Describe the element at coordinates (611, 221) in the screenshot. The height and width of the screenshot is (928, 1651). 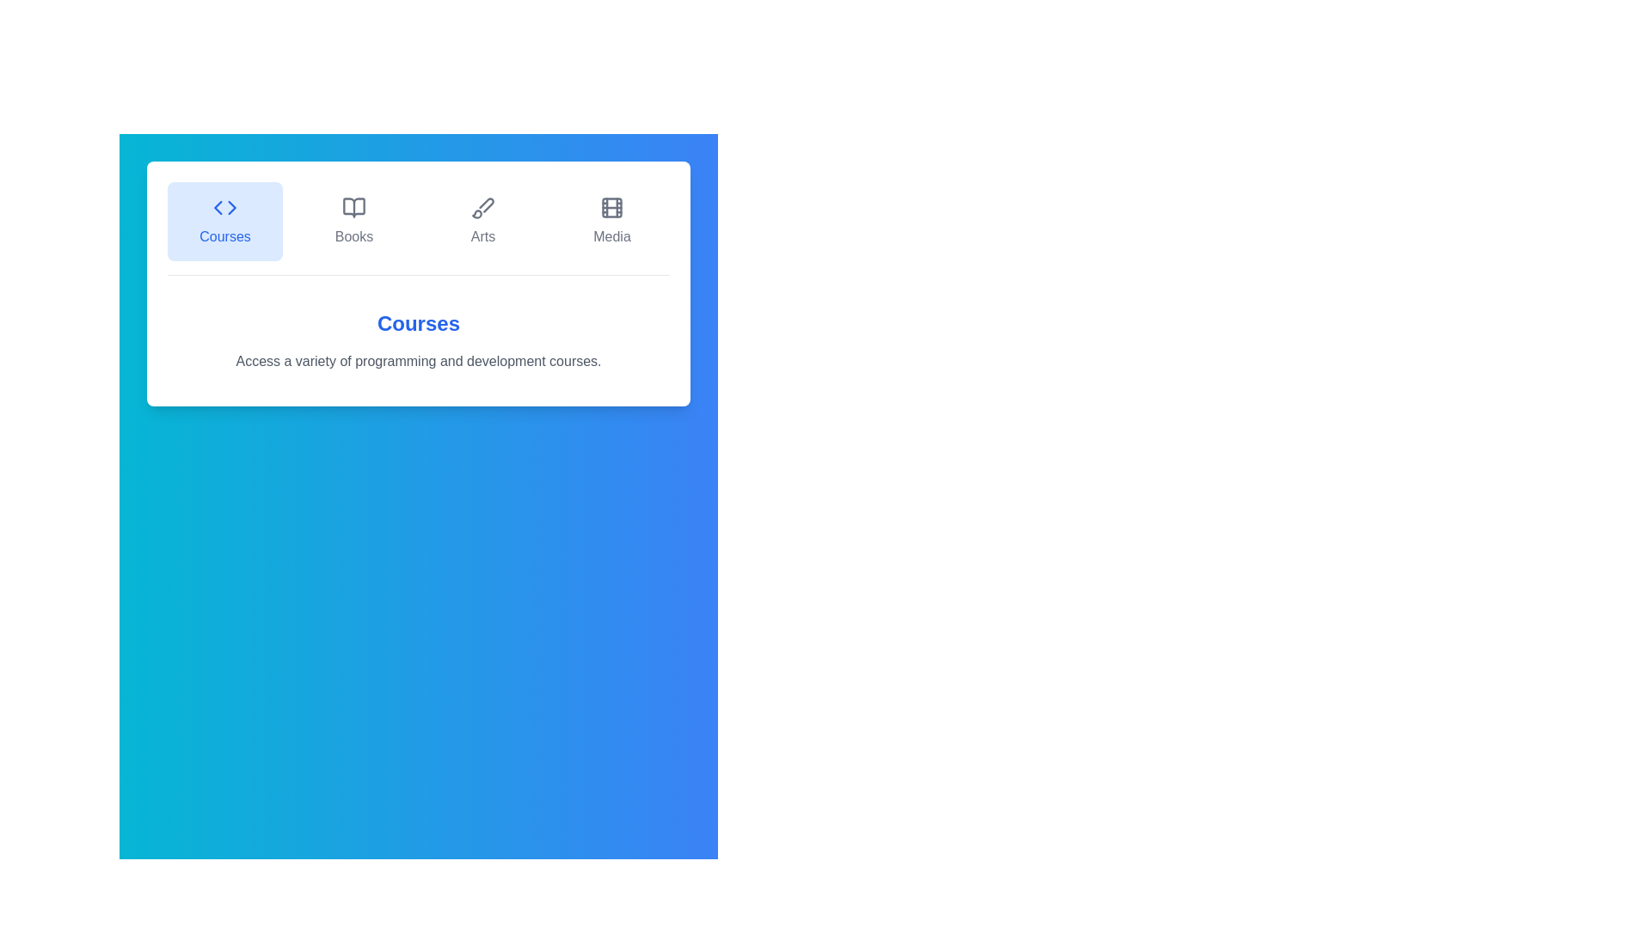
I see `the Media tab by clicking on its button` at that location.